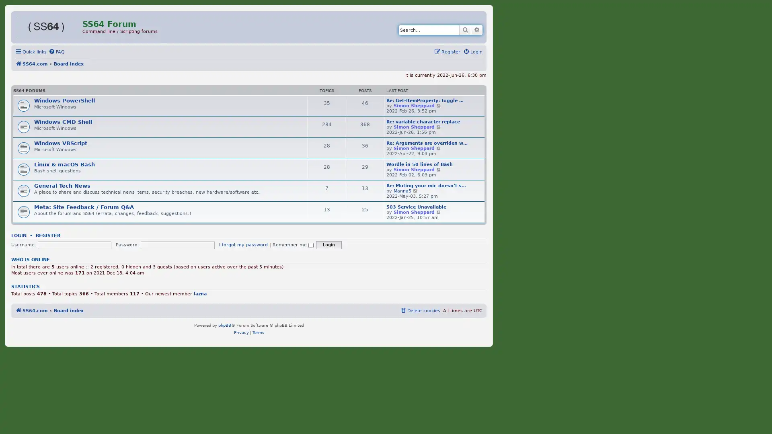 The image size is (772, 434). What do you see at coordinates (328, 244) in the screenshot?
I see `Login` at bounding box center [328, 244].